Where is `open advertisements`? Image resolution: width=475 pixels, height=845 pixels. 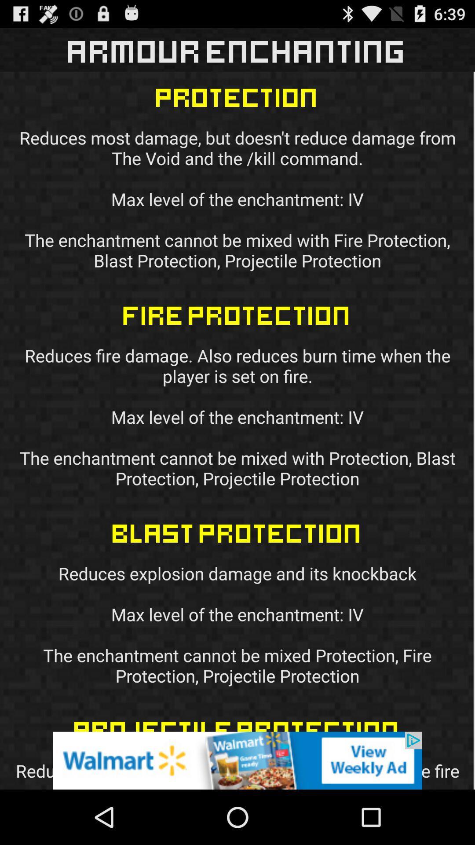 open advertisements is located at coordinates (237, 760).